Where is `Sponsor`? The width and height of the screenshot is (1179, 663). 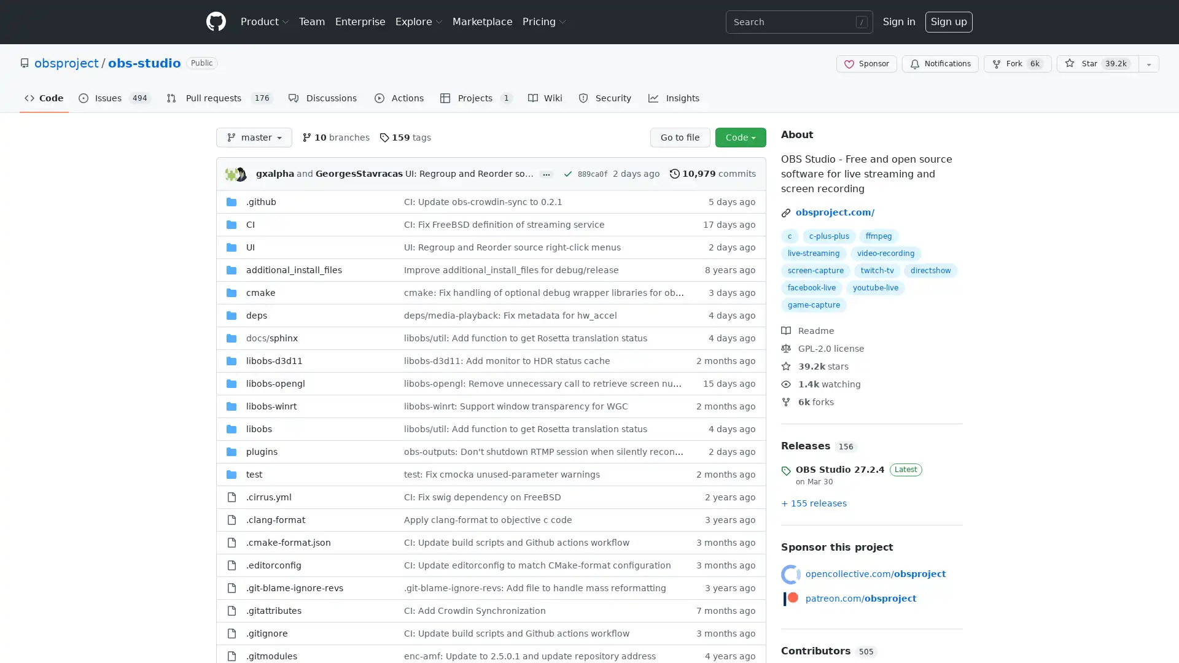 Sponsor is located at coordinates (866, 64).